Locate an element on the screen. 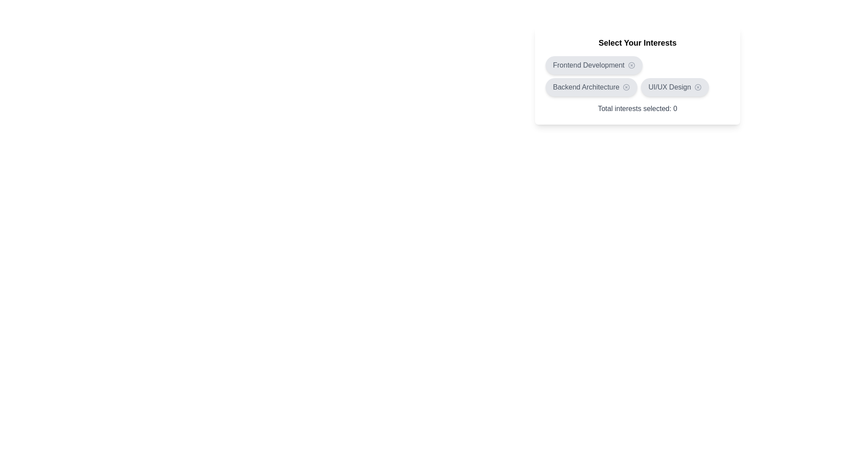 This screenshot has width=844, height=474. the third selectable button in the 'Select Your Interests' interface is located at coordinates (674, 87).